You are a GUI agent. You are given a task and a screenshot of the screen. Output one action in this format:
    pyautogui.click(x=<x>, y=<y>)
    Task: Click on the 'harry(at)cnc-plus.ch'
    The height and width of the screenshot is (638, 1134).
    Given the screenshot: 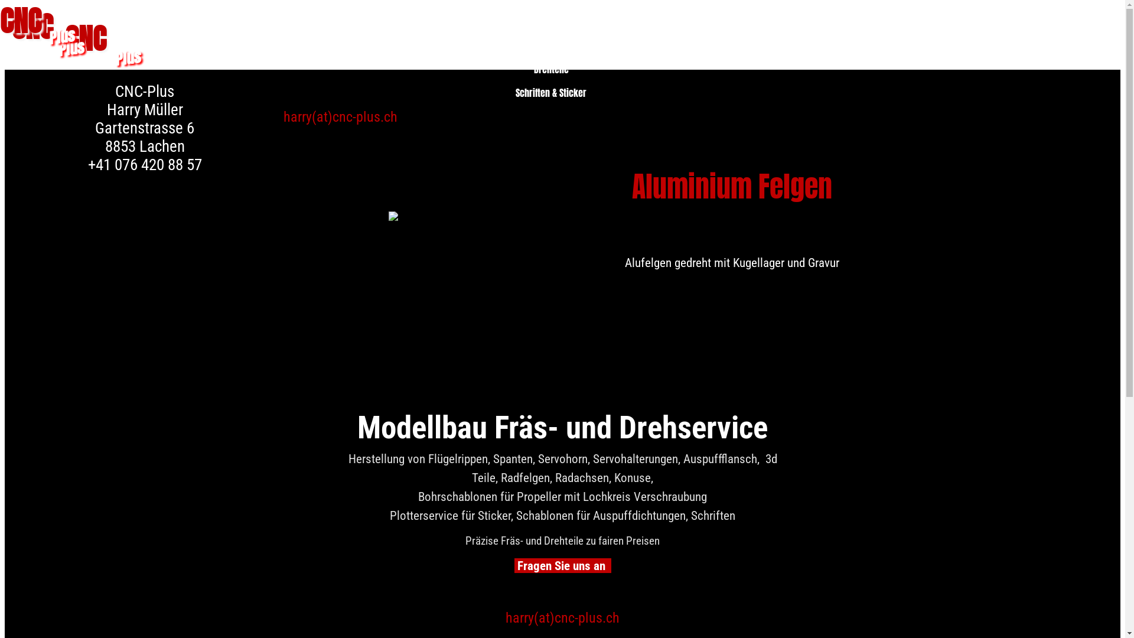 What is the action you would take?
    pyautogui.click(x=340, y=116)
    